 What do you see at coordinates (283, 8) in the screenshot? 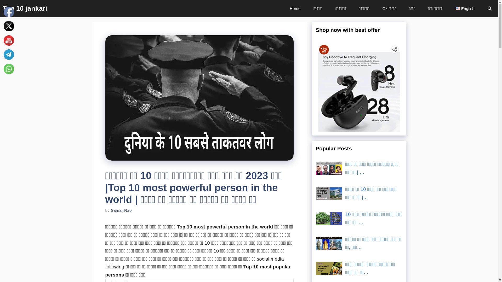
I see `'Home'` at bounding box center [283, 8].